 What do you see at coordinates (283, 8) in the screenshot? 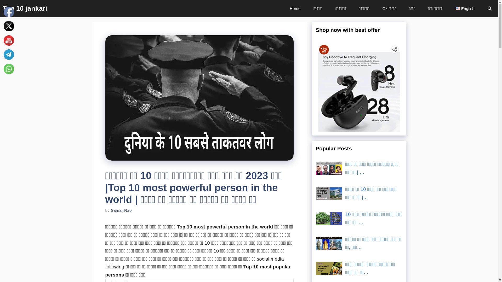
I see `'Home'` at bounding box center [283, 8].